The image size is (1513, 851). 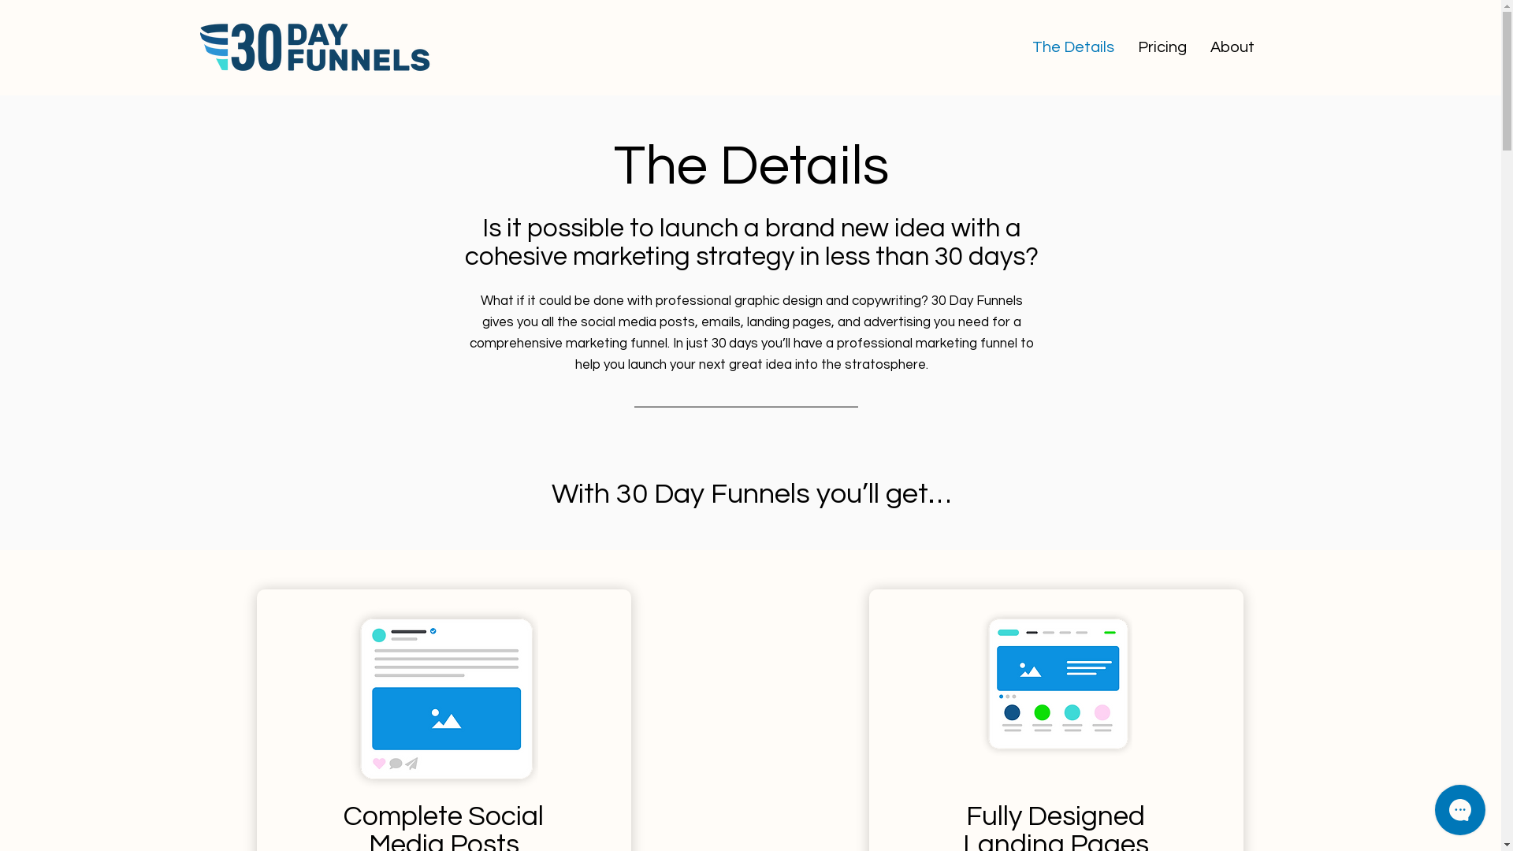 What do you see at coordinates (1232, 46) in the screenshot?
I see `'About'` at bounding box center [1232, 46].